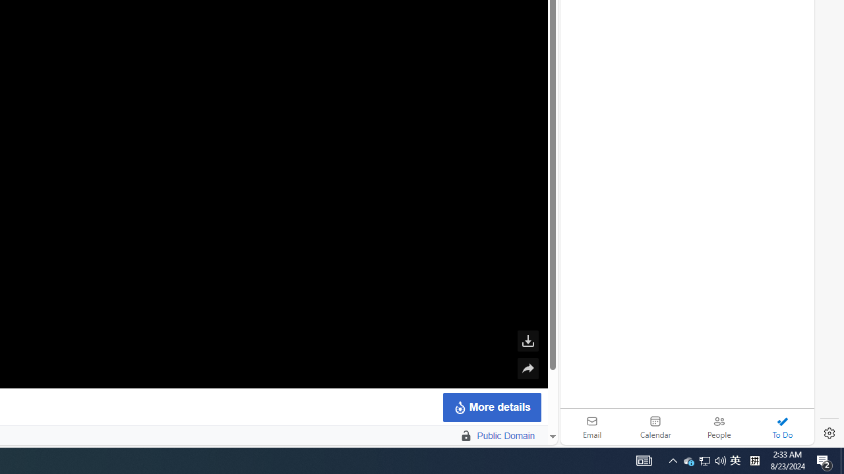  I want to click on 'Download this file', so click(527, 340).